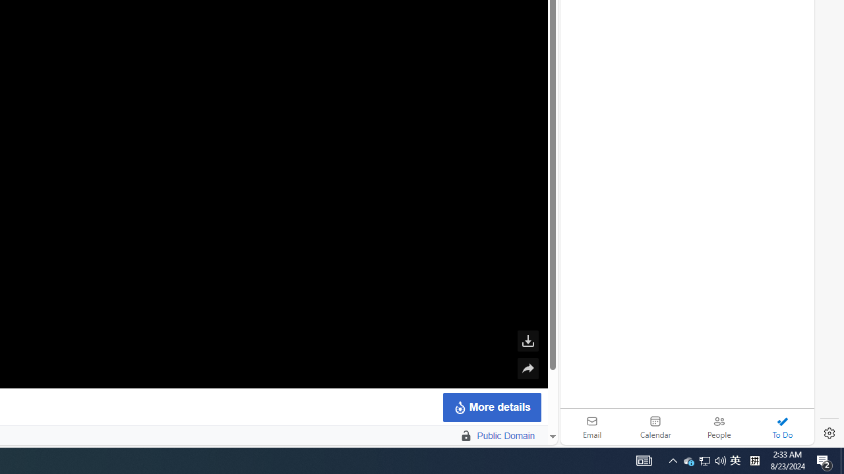  I want to click on 'Download this file', so click(527, 340).